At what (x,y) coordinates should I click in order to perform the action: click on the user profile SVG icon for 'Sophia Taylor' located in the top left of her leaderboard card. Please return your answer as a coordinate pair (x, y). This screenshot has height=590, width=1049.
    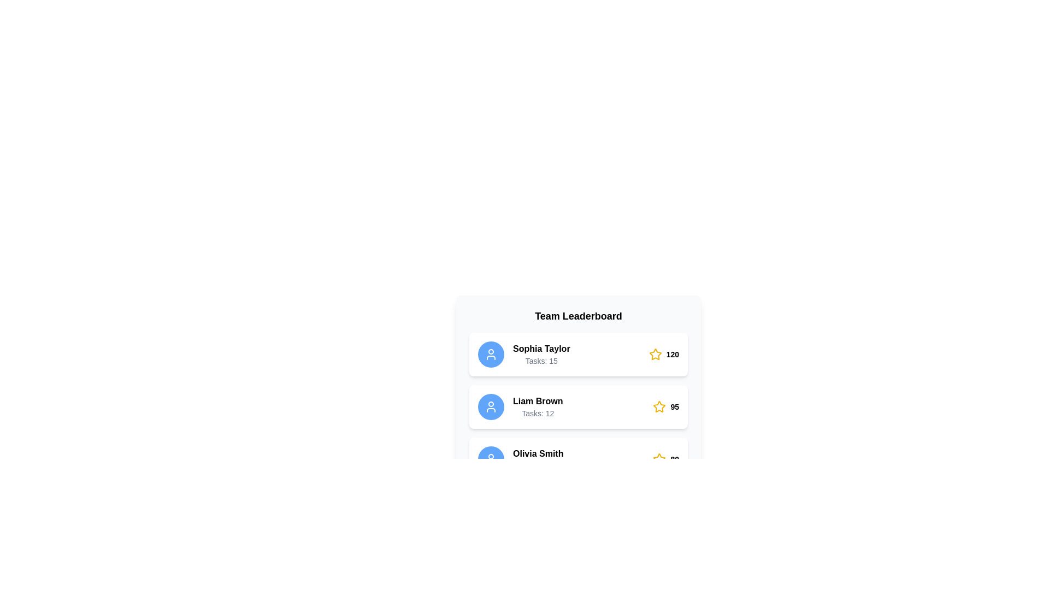
    Looking at the image, I should click on (490, 354).